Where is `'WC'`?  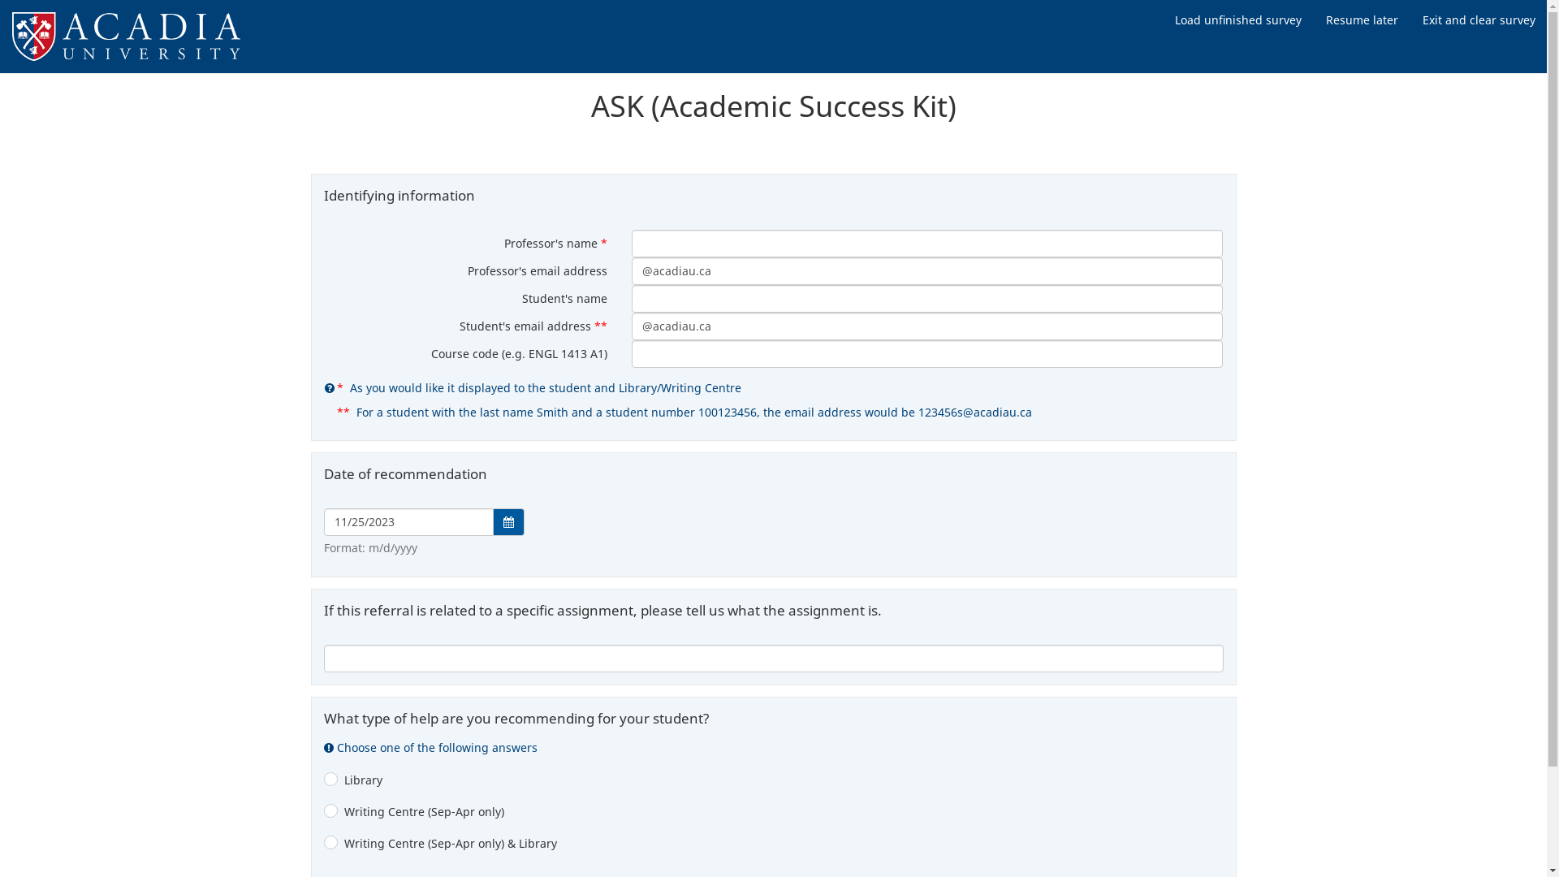
'WC' is located at coordinates (323, 814).